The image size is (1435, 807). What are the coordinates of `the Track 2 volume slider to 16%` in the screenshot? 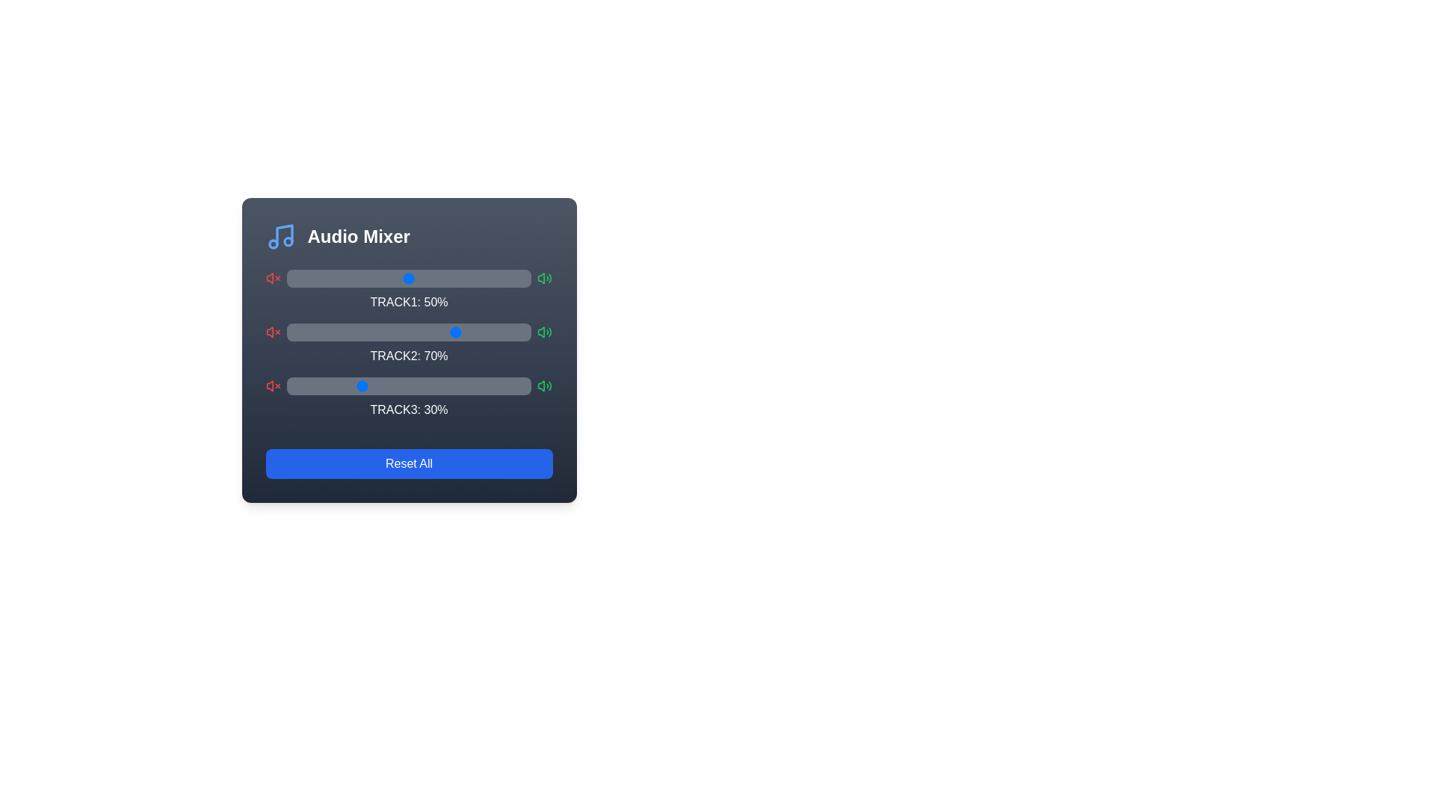 It's located at (325, 331).